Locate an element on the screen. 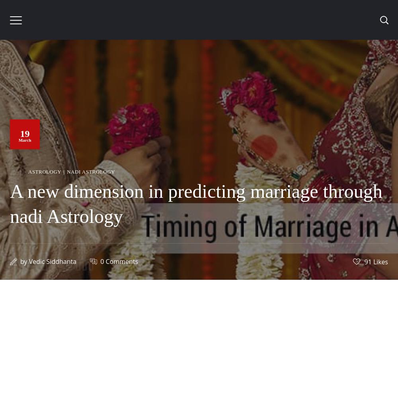 This screenshot has width=398, height=406. '0 Comments' is located at coordinates (100, 261).